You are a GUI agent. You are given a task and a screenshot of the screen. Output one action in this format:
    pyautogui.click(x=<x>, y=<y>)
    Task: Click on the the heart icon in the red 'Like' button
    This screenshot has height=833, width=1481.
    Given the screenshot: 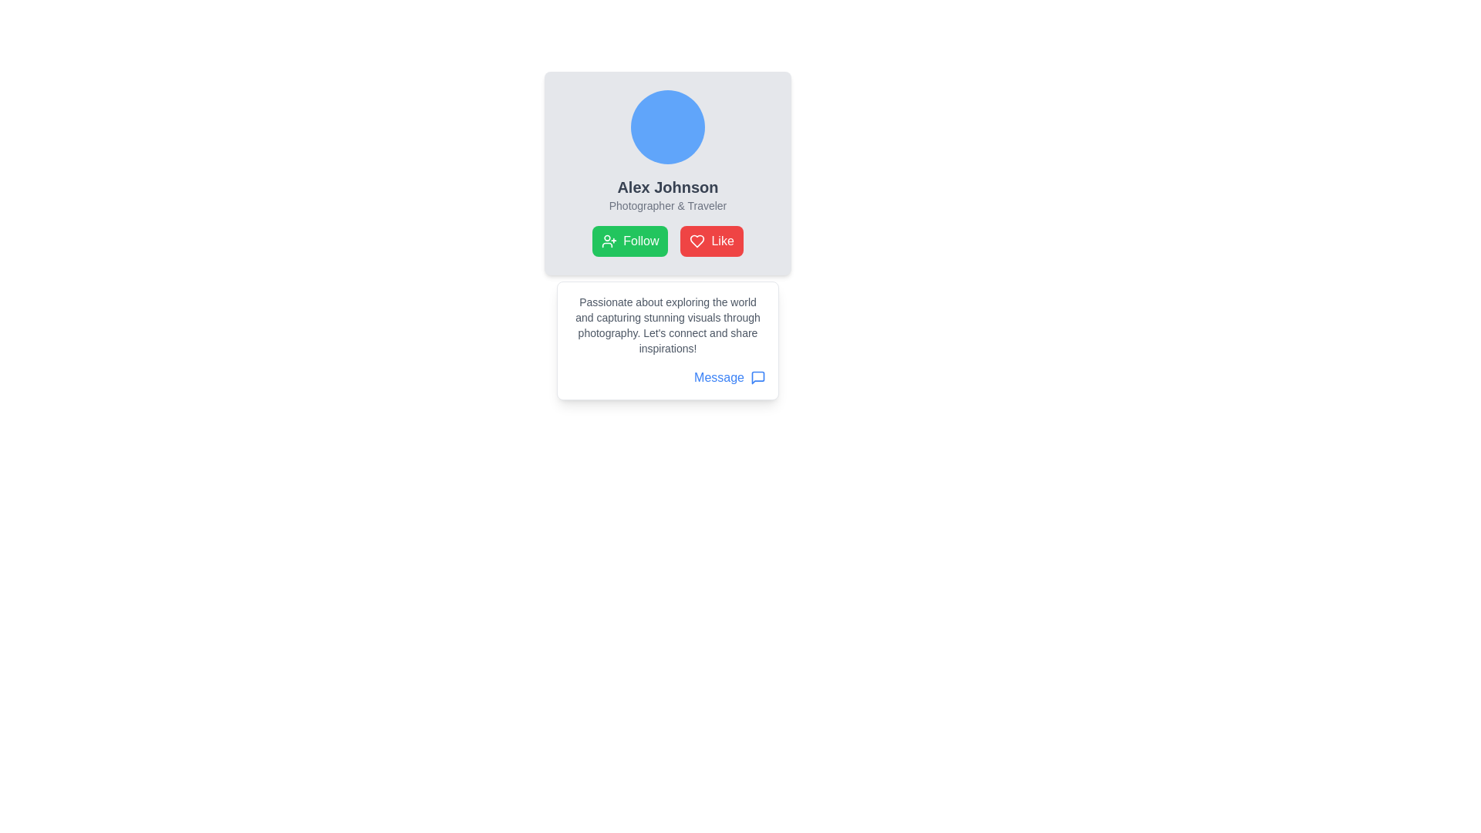 What is the action you would take?
    pyautogui.click(x=697, y=241)
    